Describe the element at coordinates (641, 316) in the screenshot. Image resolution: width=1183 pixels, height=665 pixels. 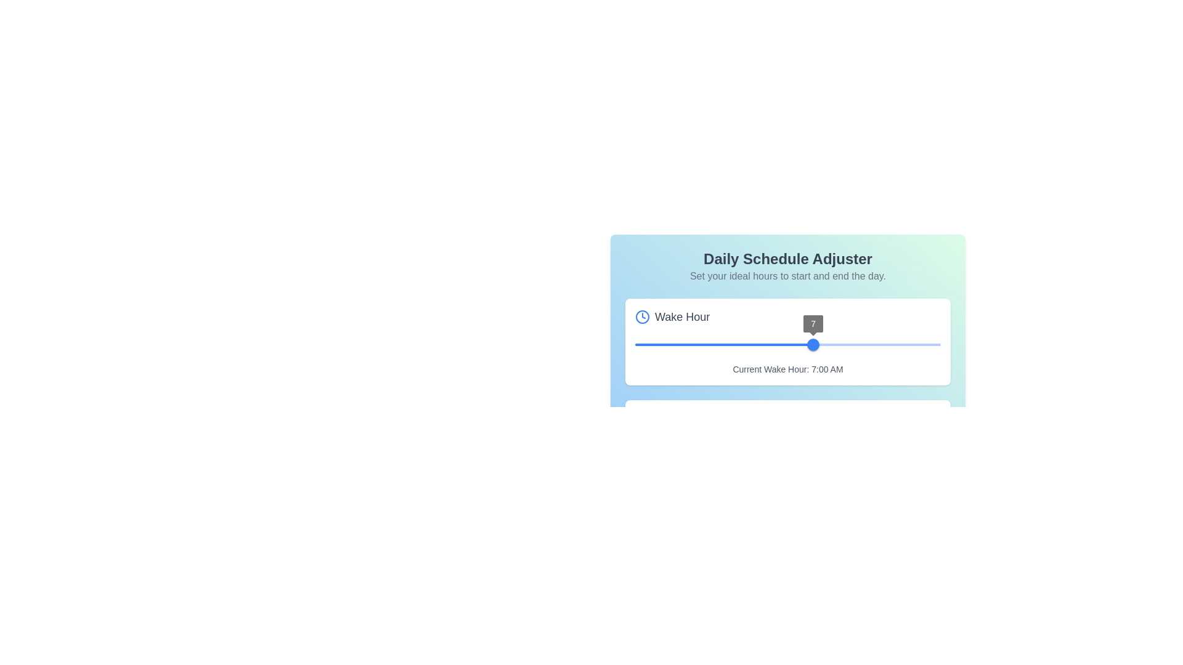
I see `the 'Wake Hour' icon located in the top-left corner of the card for accessibility purposes` at that location.